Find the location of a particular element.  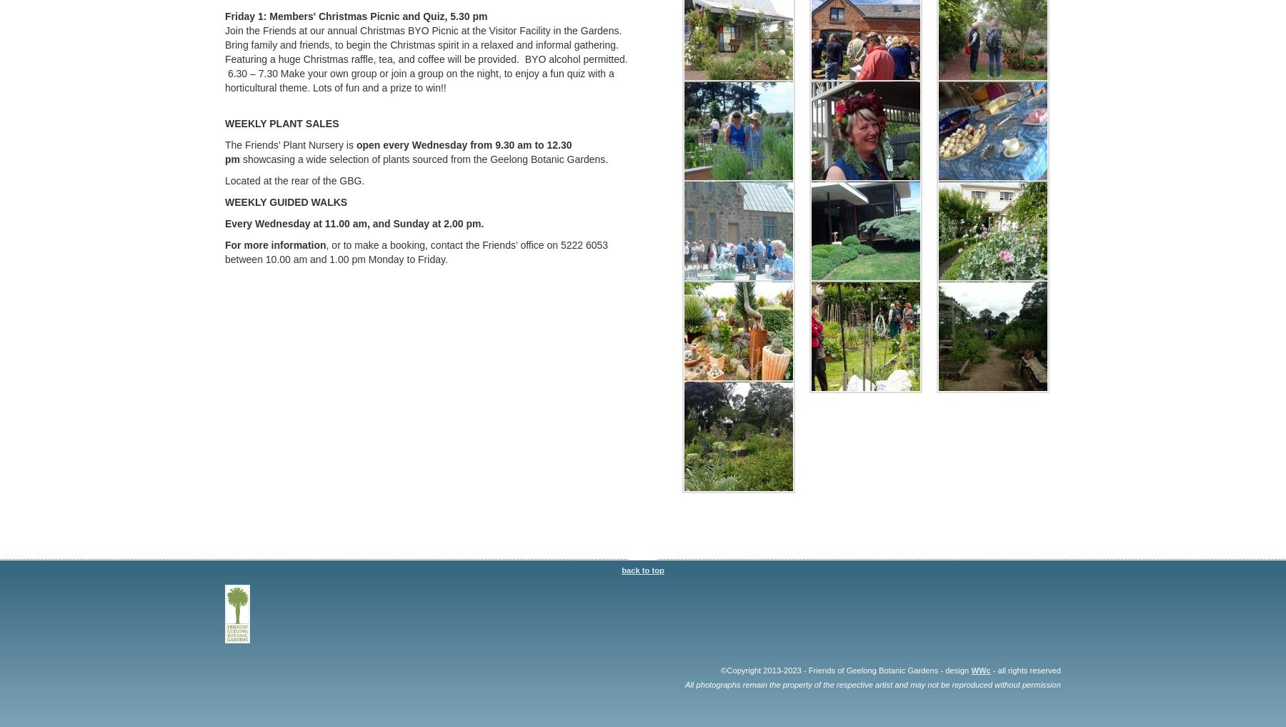

'For more information' is located at coordinates (275, 244).